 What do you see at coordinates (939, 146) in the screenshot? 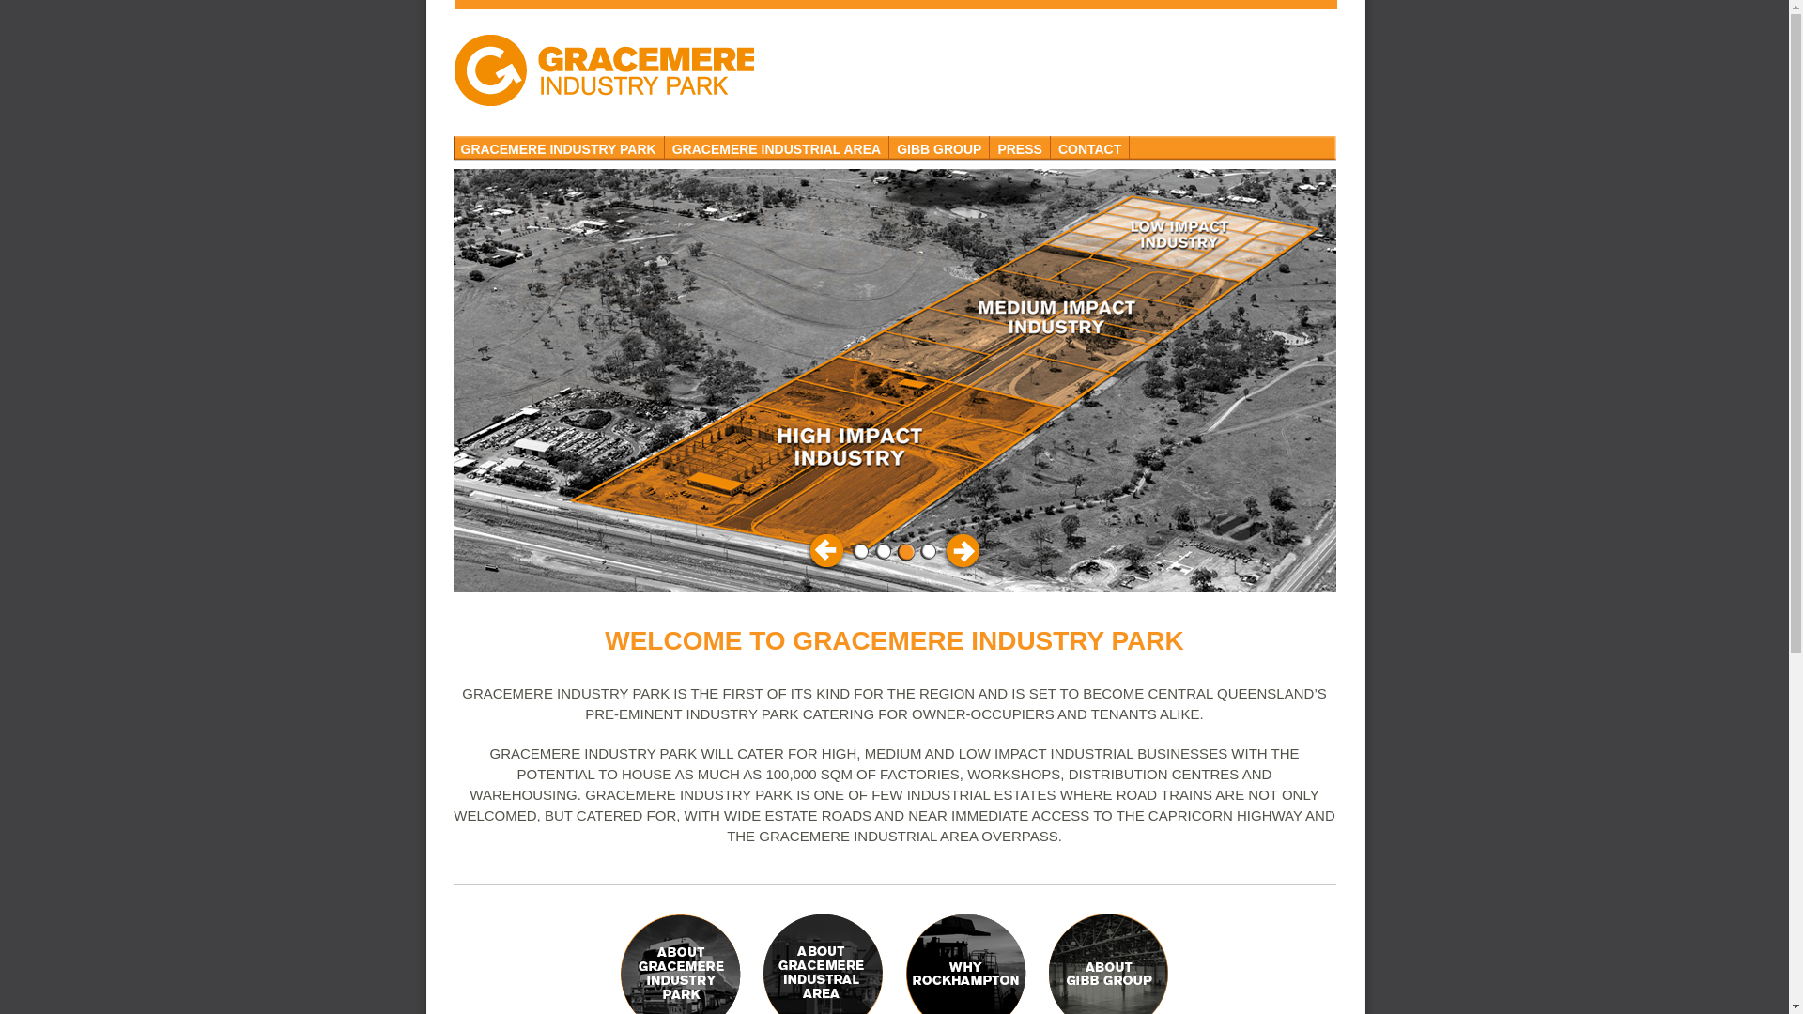
I see `'GIBB GROUP'` at bounding box center [939, 146].